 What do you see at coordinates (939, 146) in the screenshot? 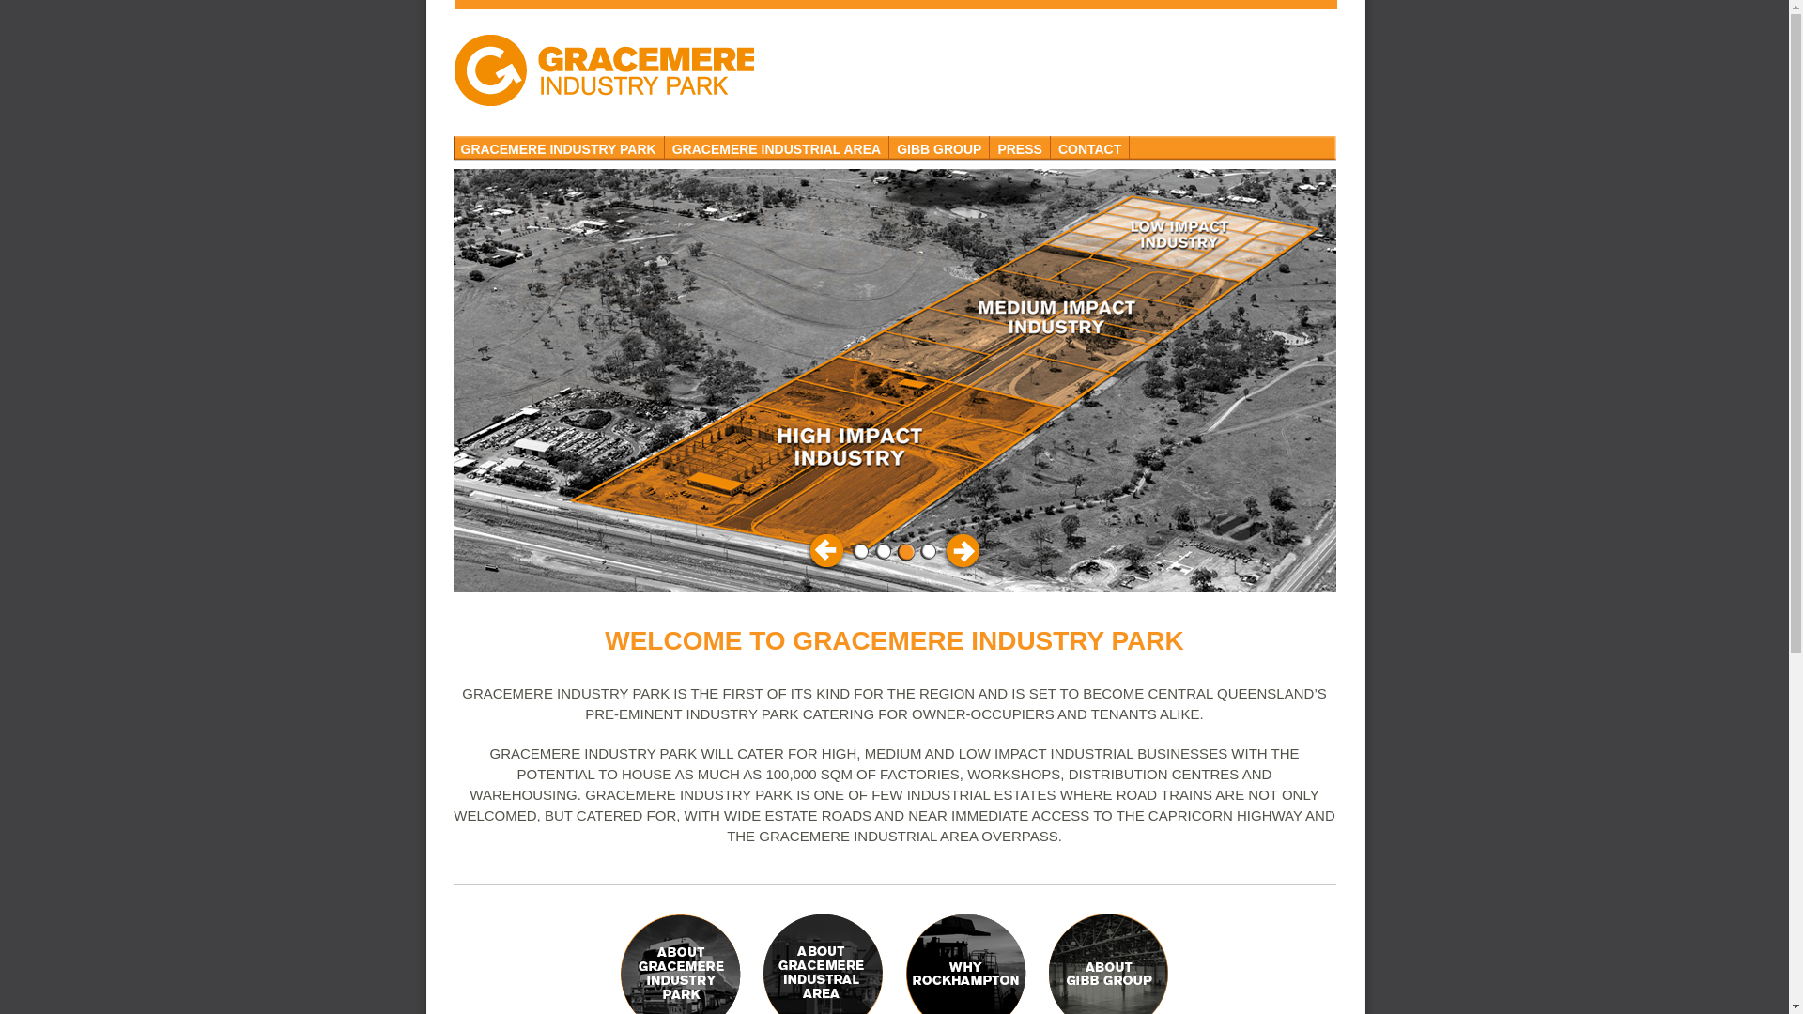
I see `'GIBB GROUP'` at bounding box center [939, 146].